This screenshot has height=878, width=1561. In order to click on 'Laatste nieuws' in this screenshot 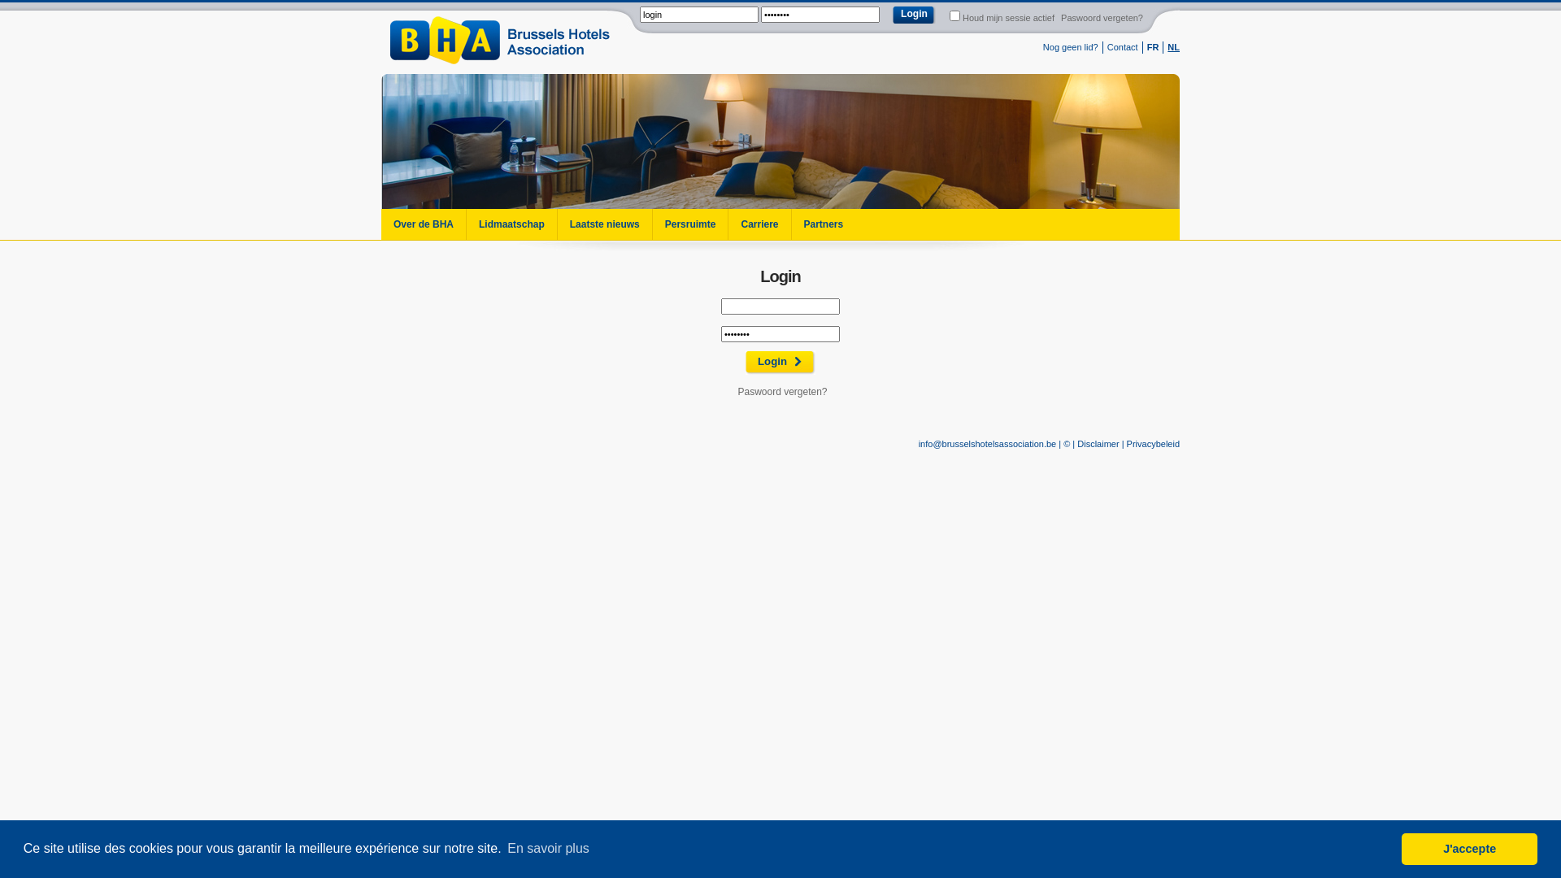, I will do `click(603, 224)`.